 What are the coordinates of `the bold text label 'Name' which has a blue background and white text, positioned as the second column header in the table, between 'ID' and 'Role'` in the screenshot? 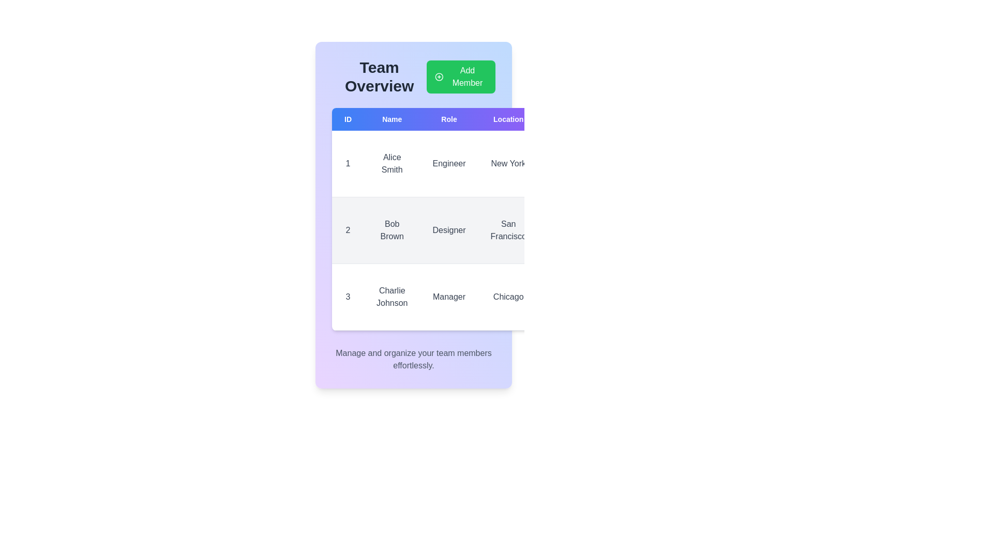 It's located at (392, 119).